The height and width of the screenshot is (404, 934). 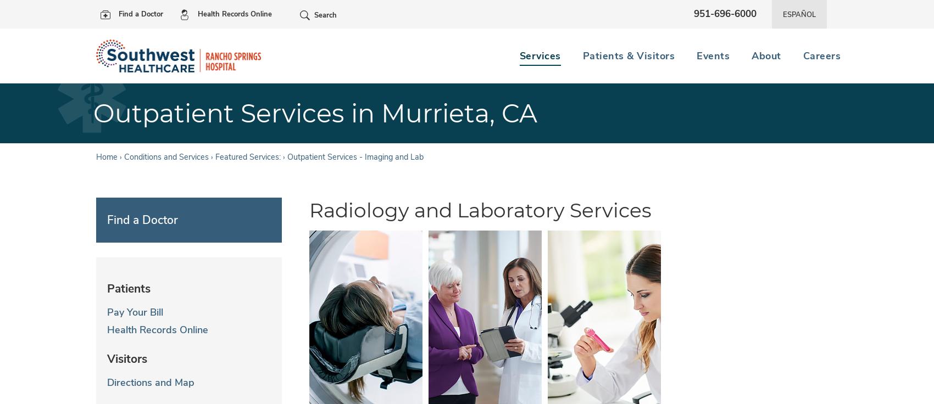 What do you see at coordinates (802, 55) in the screenshot?
I see `'Careers'` at bounding box center [802, 55].